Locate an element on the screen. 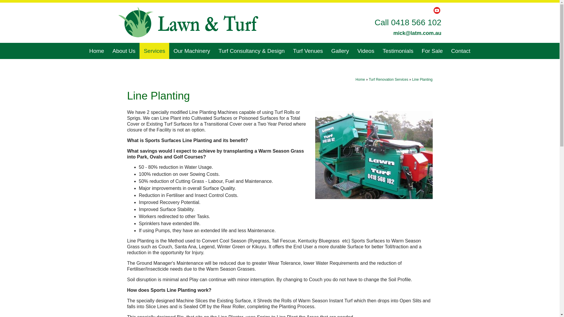  '0418 566 102' is located at coordinates (416, 22).